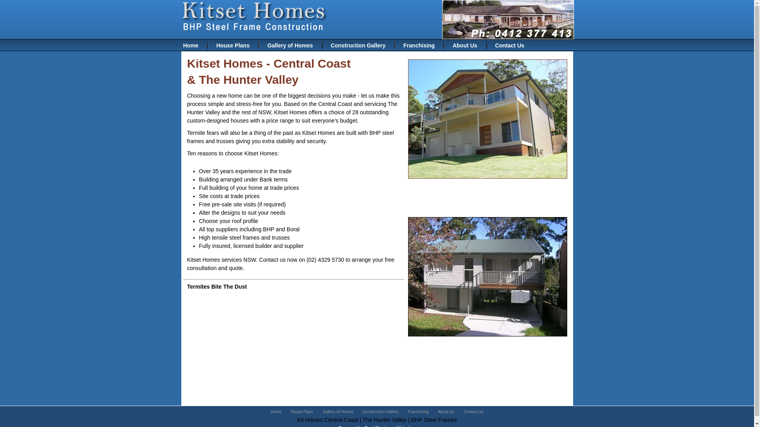 This screenshot has width=760, height=427. What do you see at coordinates (302, 411) in the screenshot?
I see `'House Plans'` at bounding box center [302, 411].